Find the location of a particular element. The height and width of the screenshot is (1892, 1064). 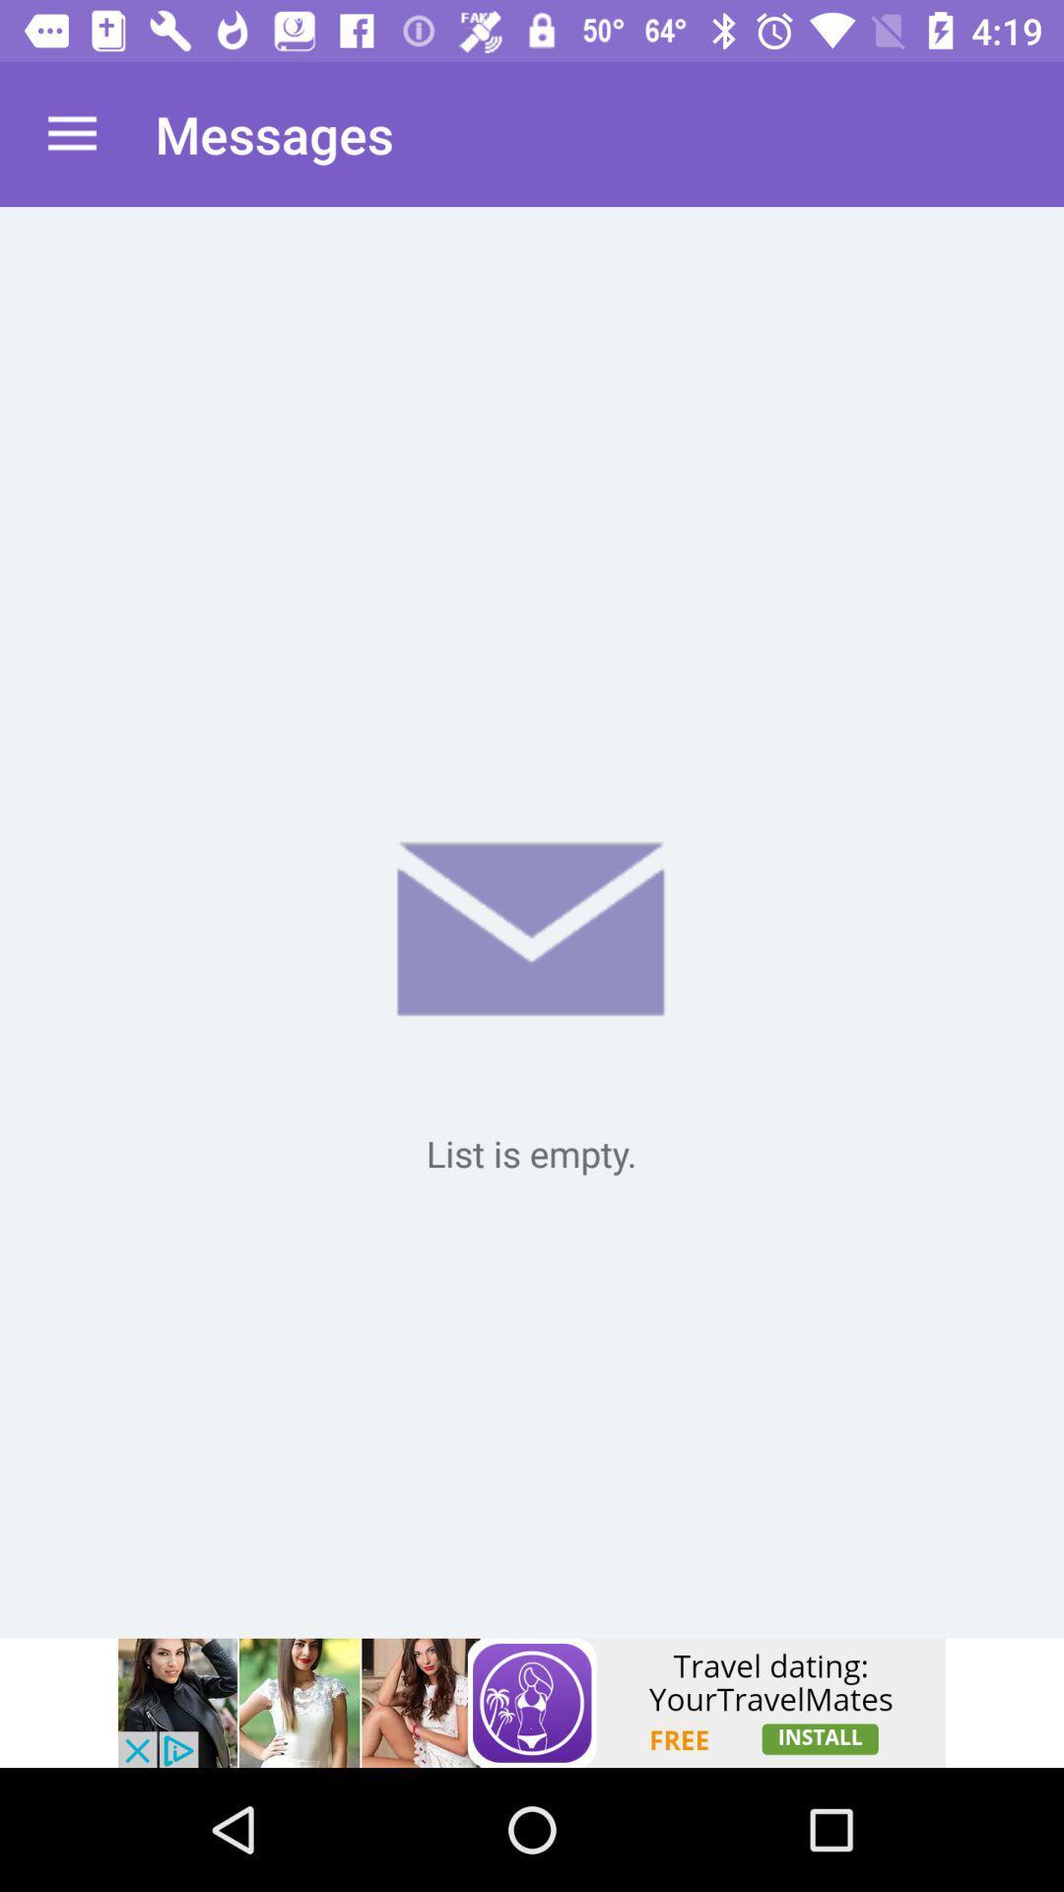

advertisement is located at coordinates (532, 1702).